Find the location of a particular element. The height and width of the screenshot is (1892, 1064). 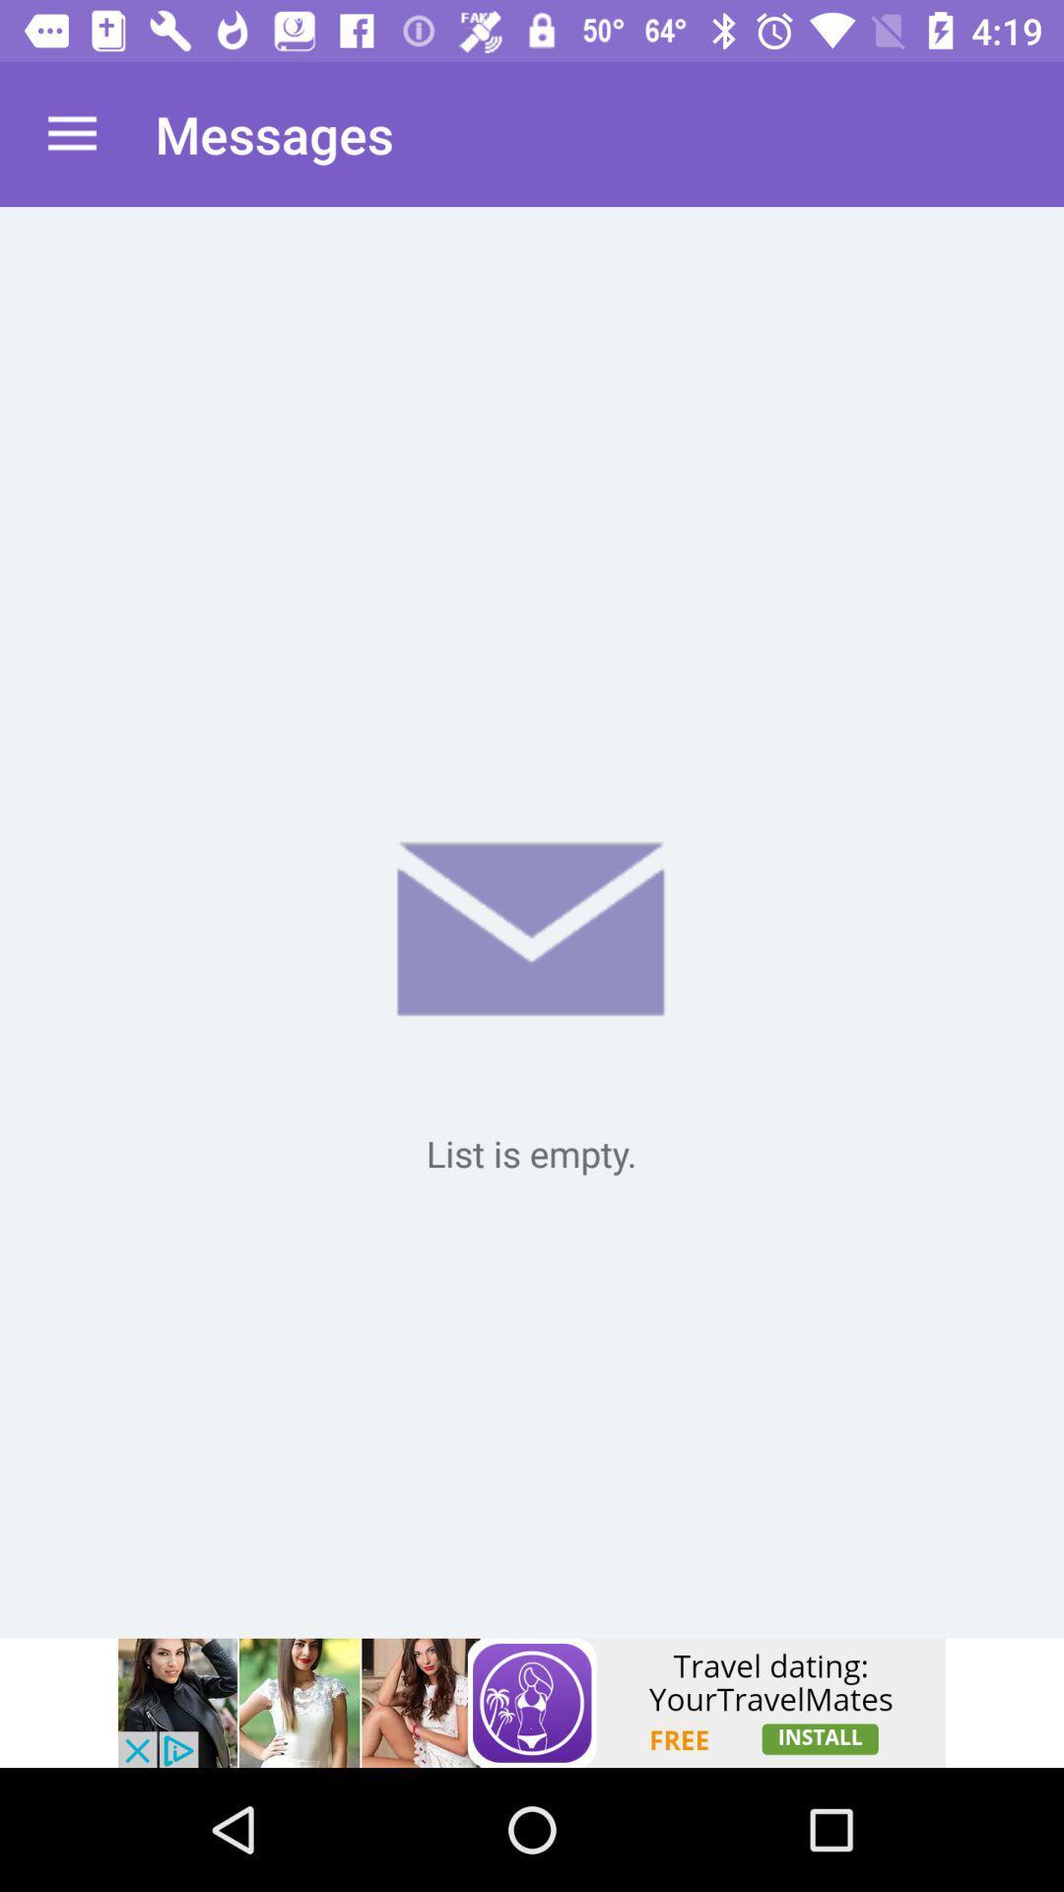

advertisement is located at coordinates (532, 1702).